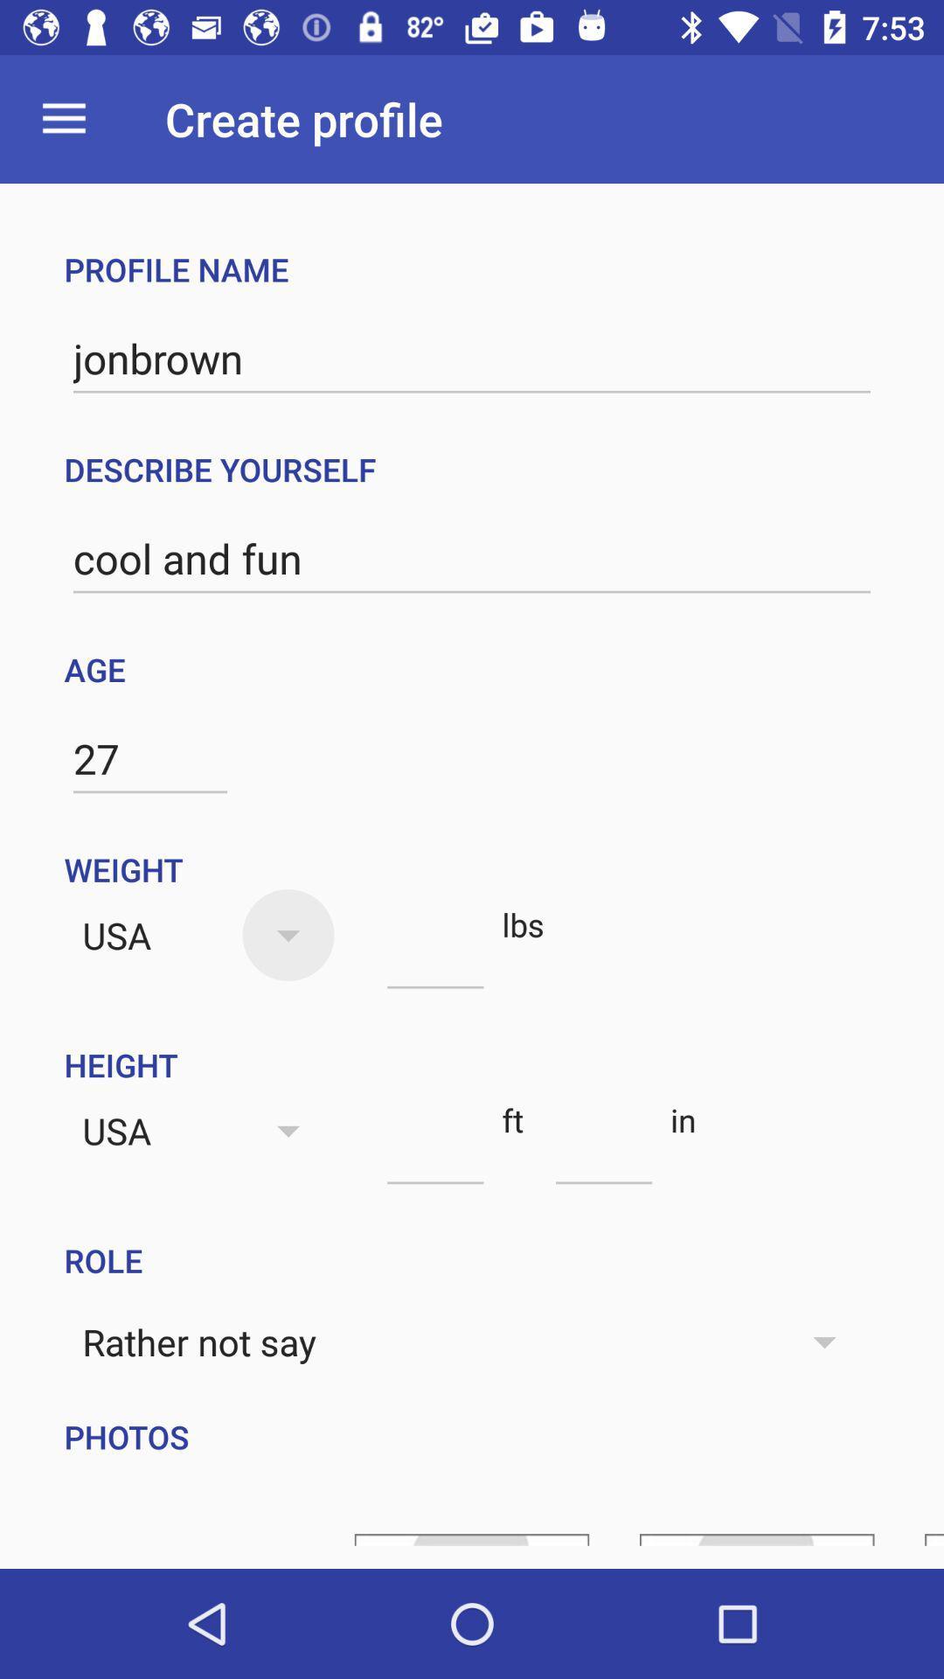  What do you see at coordinates (63, 118) in the screenshot?
I see `the icon above profile name` at bounding box center [63, 118].